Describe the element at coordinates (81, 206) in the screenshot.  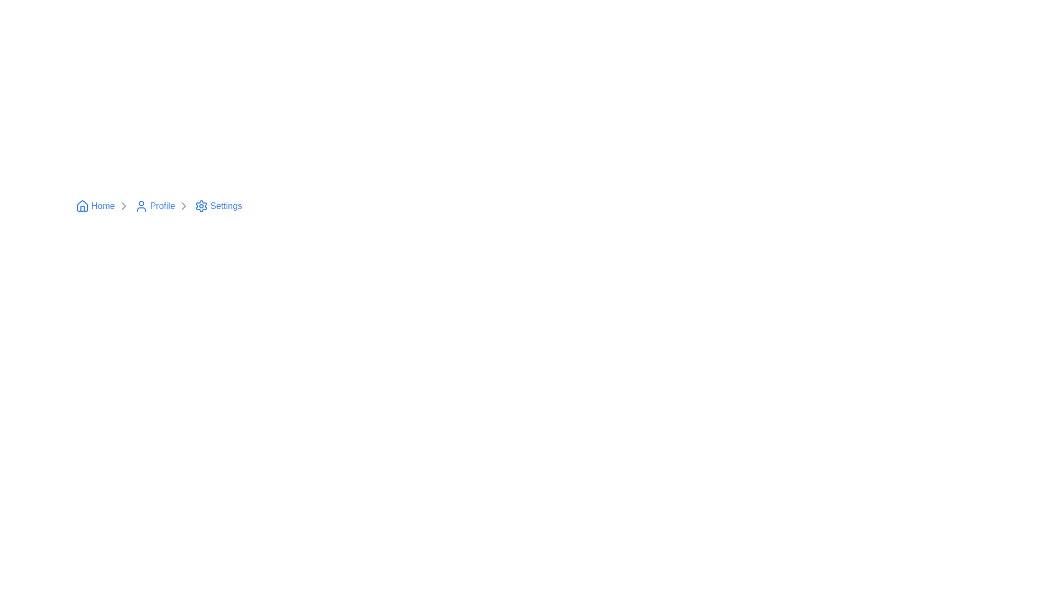
I see `the 'Home' icon located on the far leftmost position of the breadcrumb navigation bar, which is associated with the text label 'Home'` at that location.